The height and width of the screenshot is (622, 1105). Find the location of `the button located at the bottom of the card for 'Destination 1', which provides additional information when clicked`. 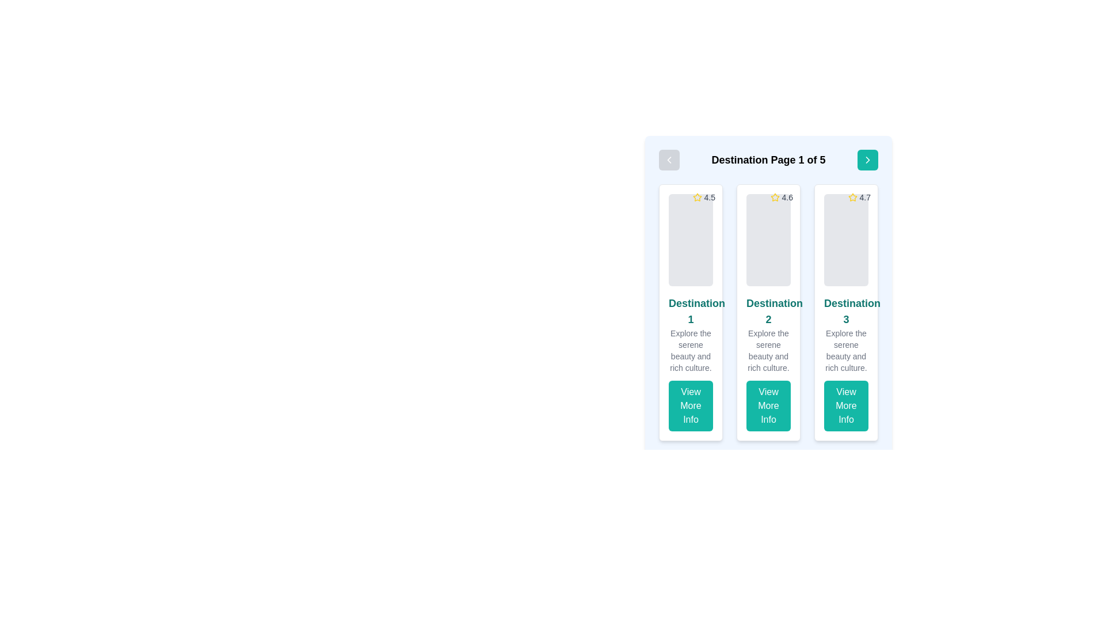

the button located at the bottom of the card for 'Destination 1', which provides additional information when clicked is located at coordinates (691, 405).